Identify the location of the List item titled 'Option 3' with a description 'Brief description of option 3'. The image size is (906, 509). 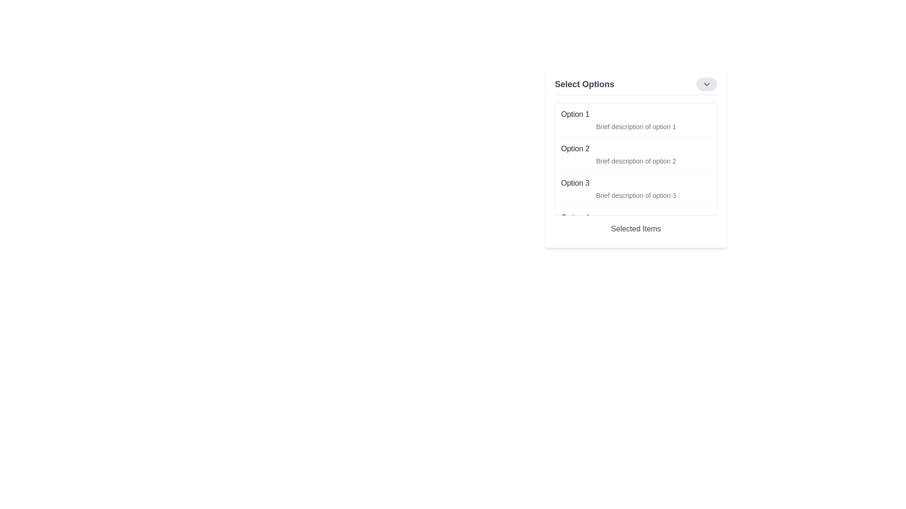
(636, 189).